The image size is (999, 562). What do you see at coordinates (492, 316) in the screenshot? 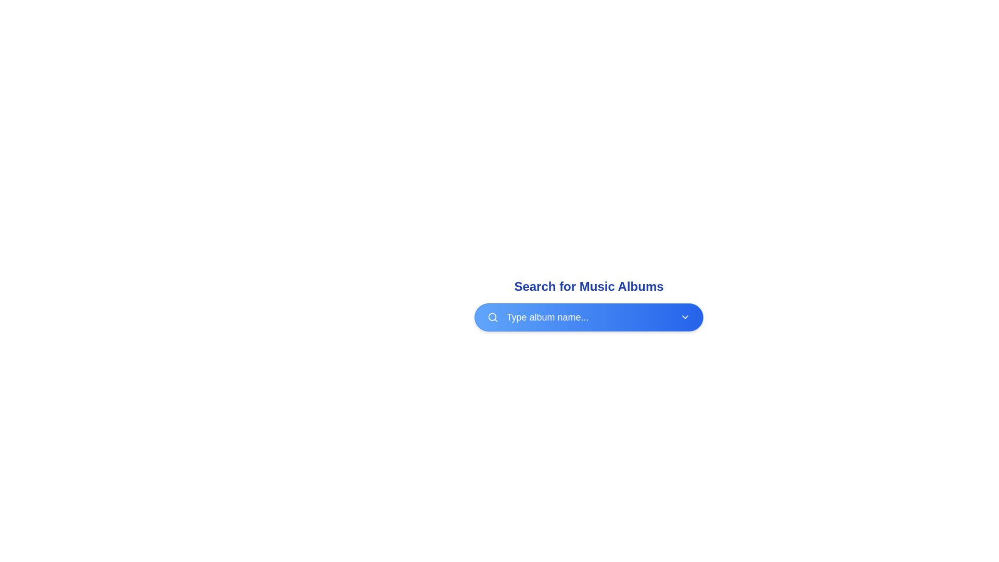
I see `the first SVG circle representing the lens of the search icon` at bounding box center [492, 316].